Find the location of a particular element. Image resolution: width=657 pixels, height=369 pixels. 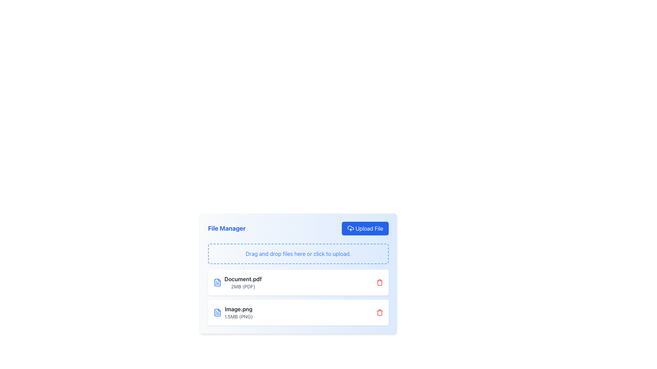

the text label displaying 'Image.png' with size '1.5MB (PNG)' in a File Manager interface is located at coordinates (239, 312).